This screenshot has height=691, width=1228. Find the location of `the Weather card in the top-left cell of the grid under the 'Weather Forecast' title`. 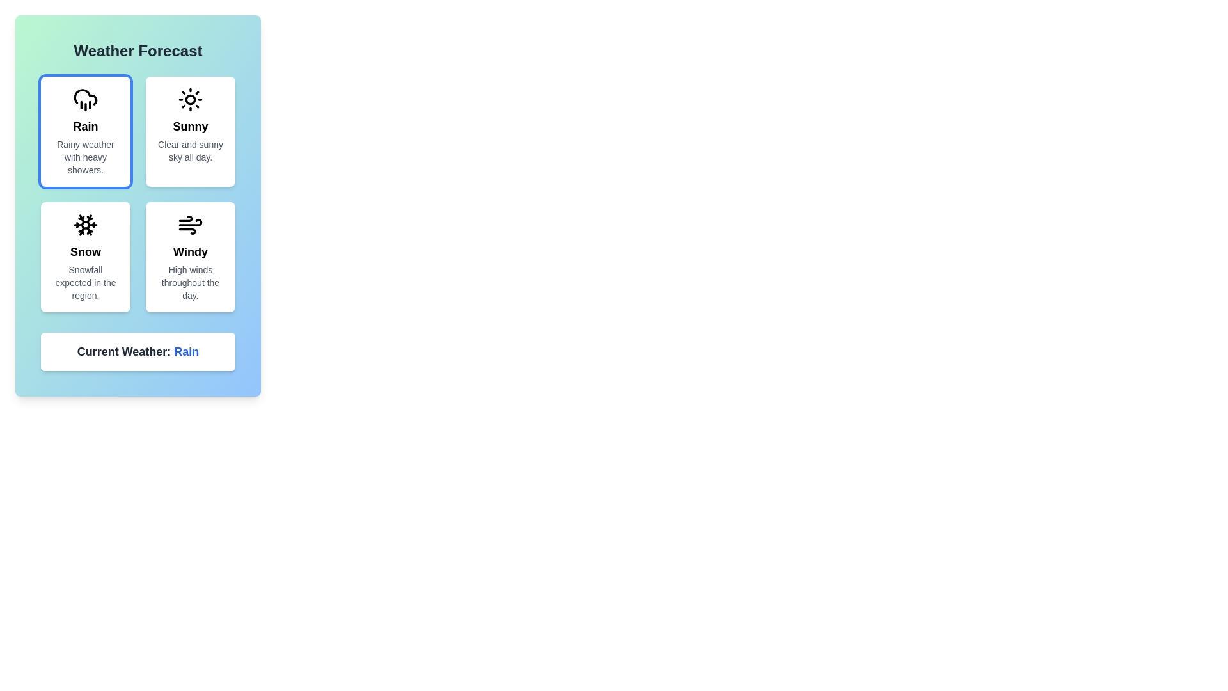

the Weather card in the top-left cell of the grid under the 'Weather Forecast' title is located at coordinates (85, 131).